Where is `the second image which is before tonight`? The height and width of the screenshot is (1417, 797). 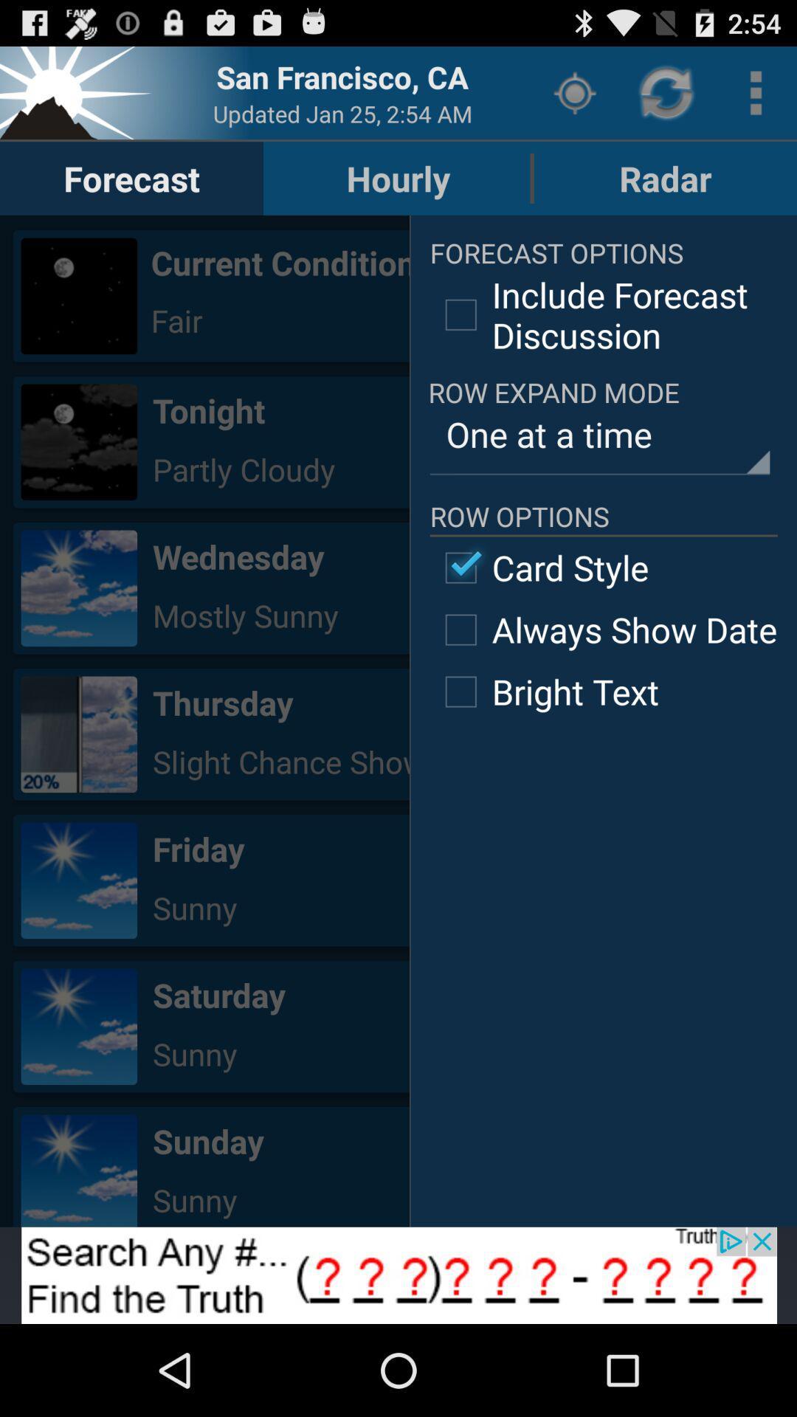 the second image which is before tonight is located at coordinates (79, 441).